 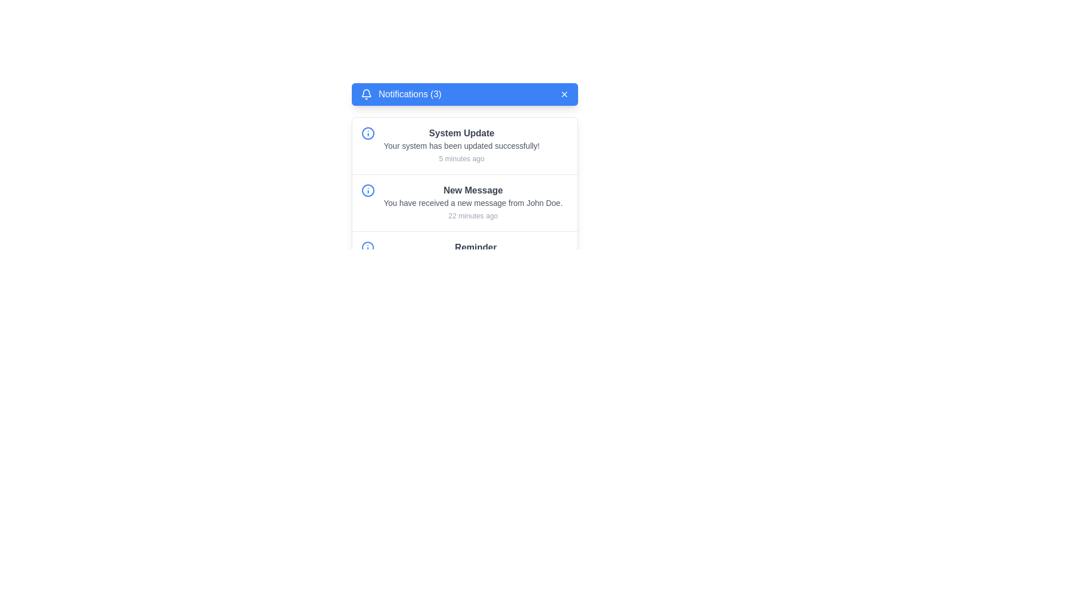 What do you see at coordinates (473, 202) in the screenshot?
I see `the 'New Message' notification, which has a bold title and descriptive text` at bounding box center [473, 202].